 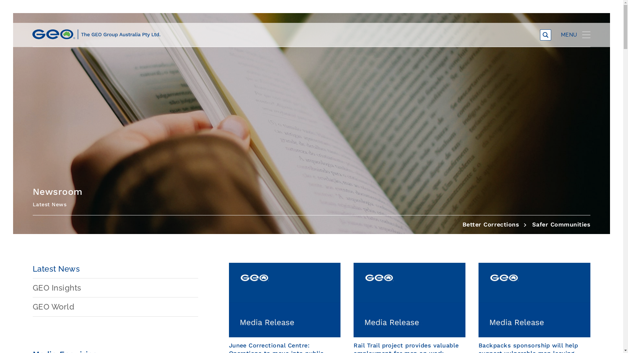 I want to click on 'GEO Insights', so click(x=115, y=287).